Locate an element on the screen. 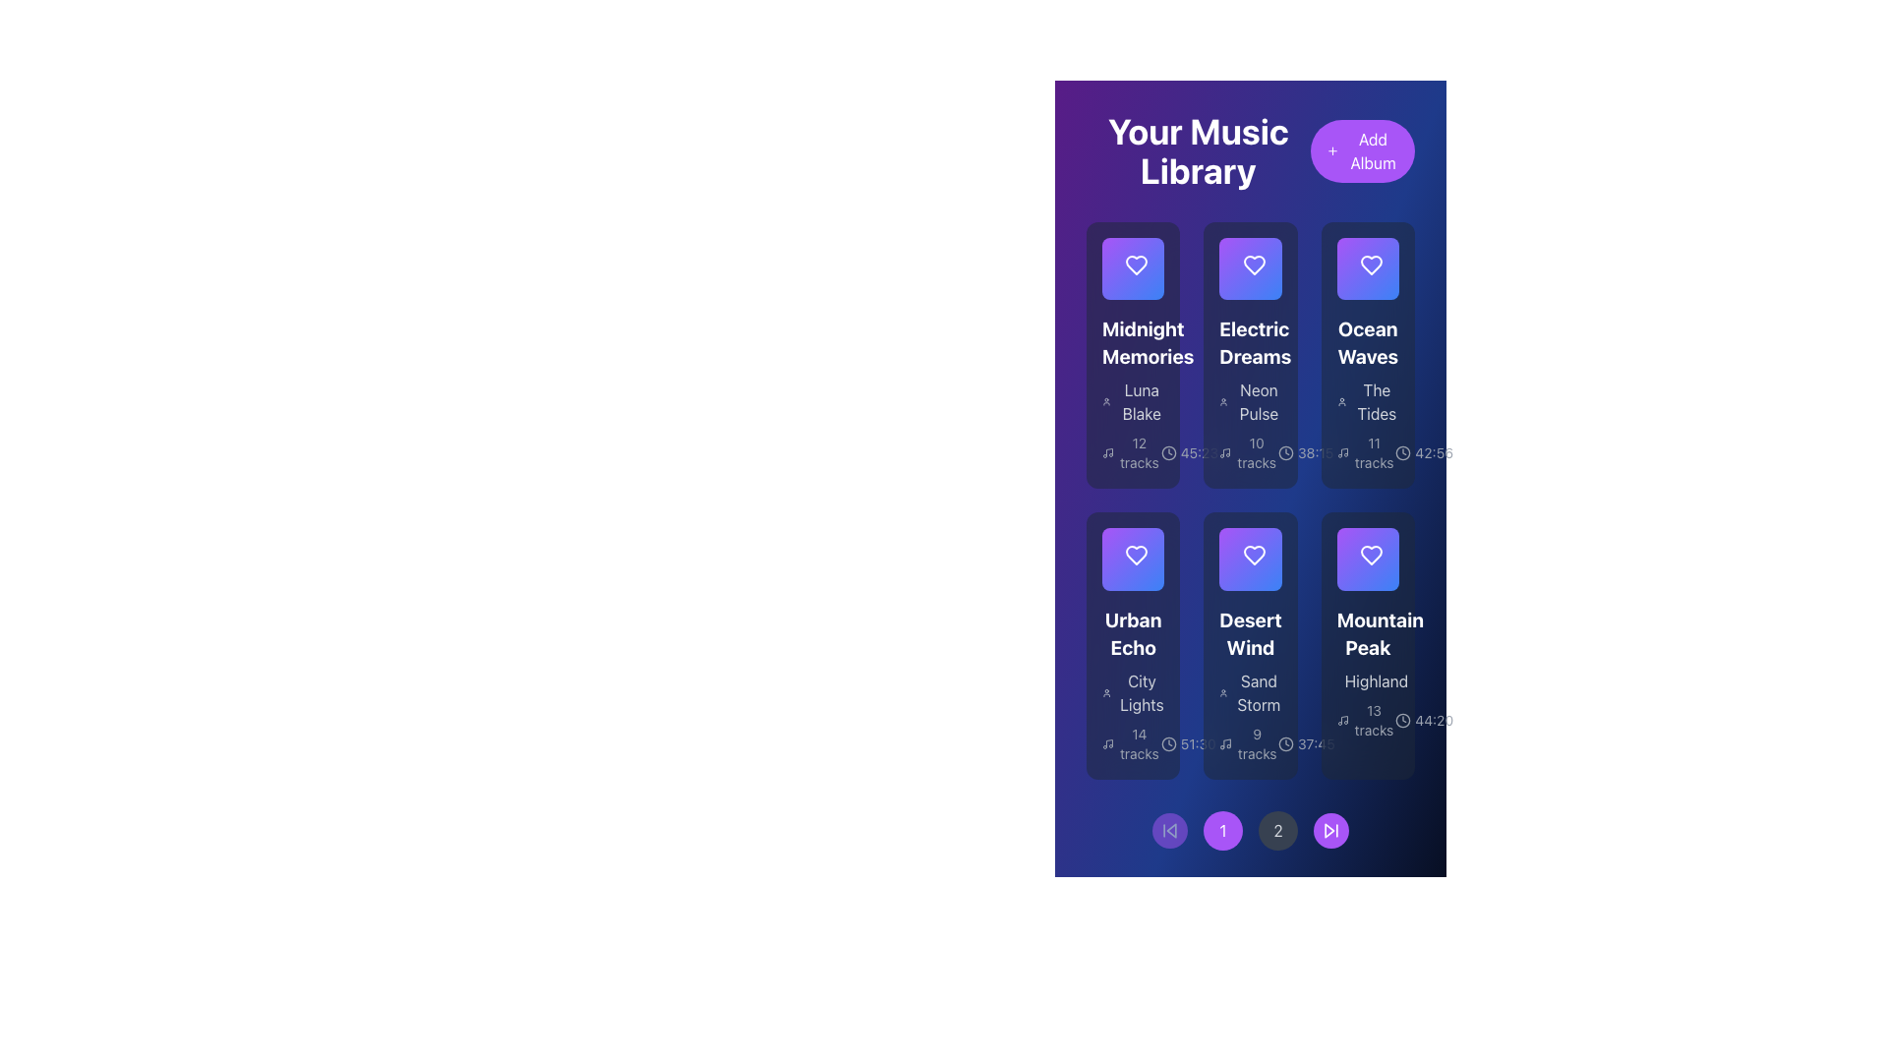  the text element displaying 'Neon Pulse', located under the heading 'Electric Dreams' in the second card of the first row of the grid layout is located at coordinates (1259, 401).